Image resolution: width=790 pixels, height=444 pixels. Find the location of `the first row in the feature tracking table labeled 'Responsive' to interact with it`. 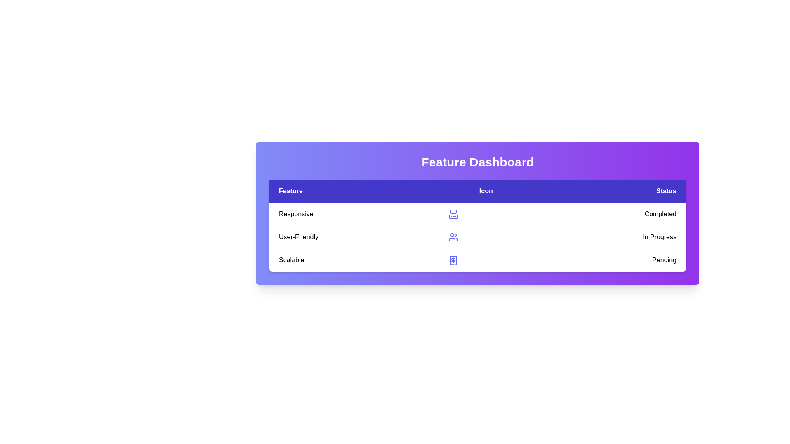

the first row in the feature tracking table labeled 'Responsive' to interact with it is located at coordinates (478, 213).